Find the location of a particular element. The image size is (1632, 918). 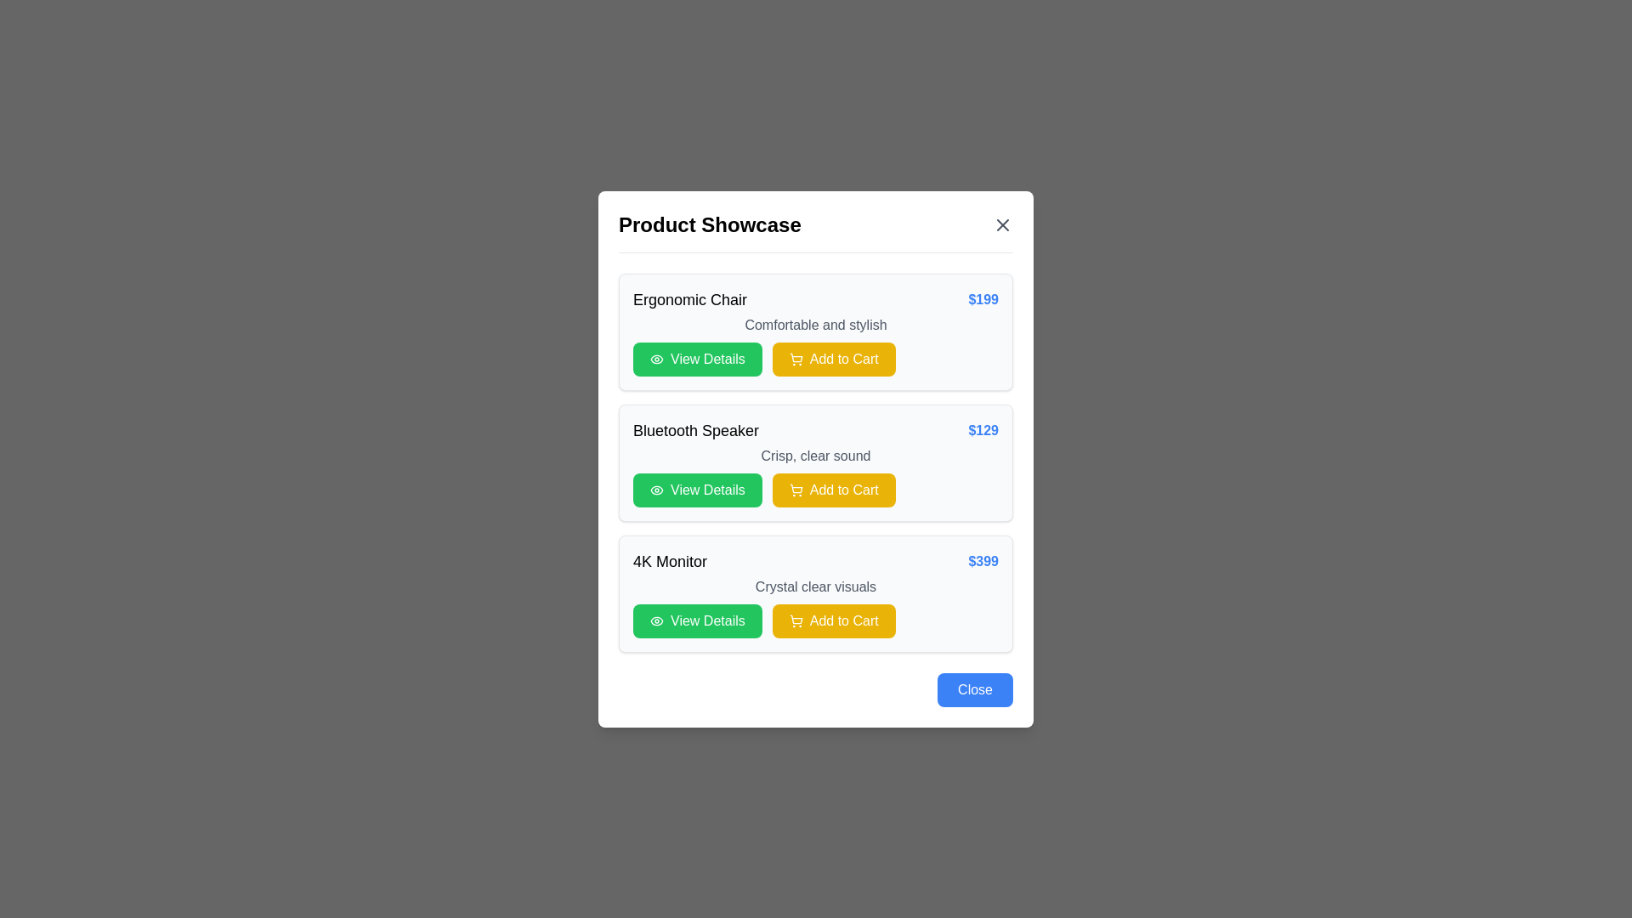

the 'View Details' button, which is a rectangular button with a green background and white text, located below the 'Bluetooth Speaker' product card in the modal is located at coordinates (697, 490).